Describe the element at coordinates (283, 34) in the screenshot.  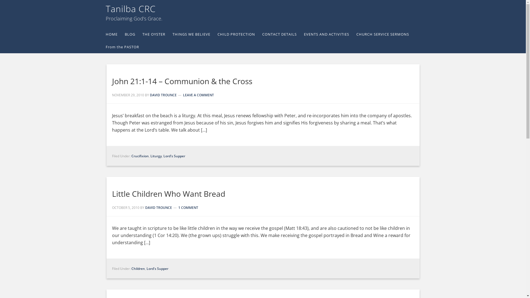
I see `'CONTACT DETAILS'` at that location.